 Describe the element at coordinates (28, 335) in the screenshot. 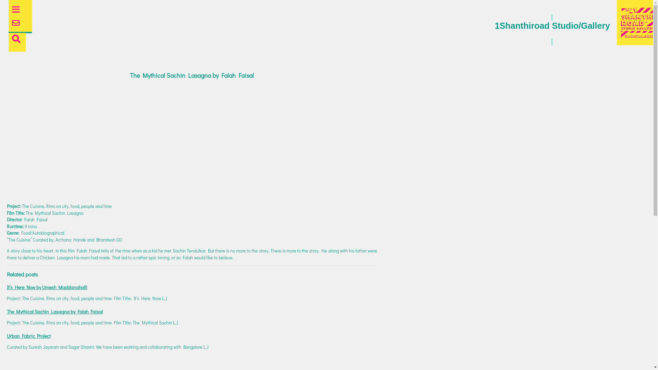

I see `'Urban Fabric Project'` at that location.